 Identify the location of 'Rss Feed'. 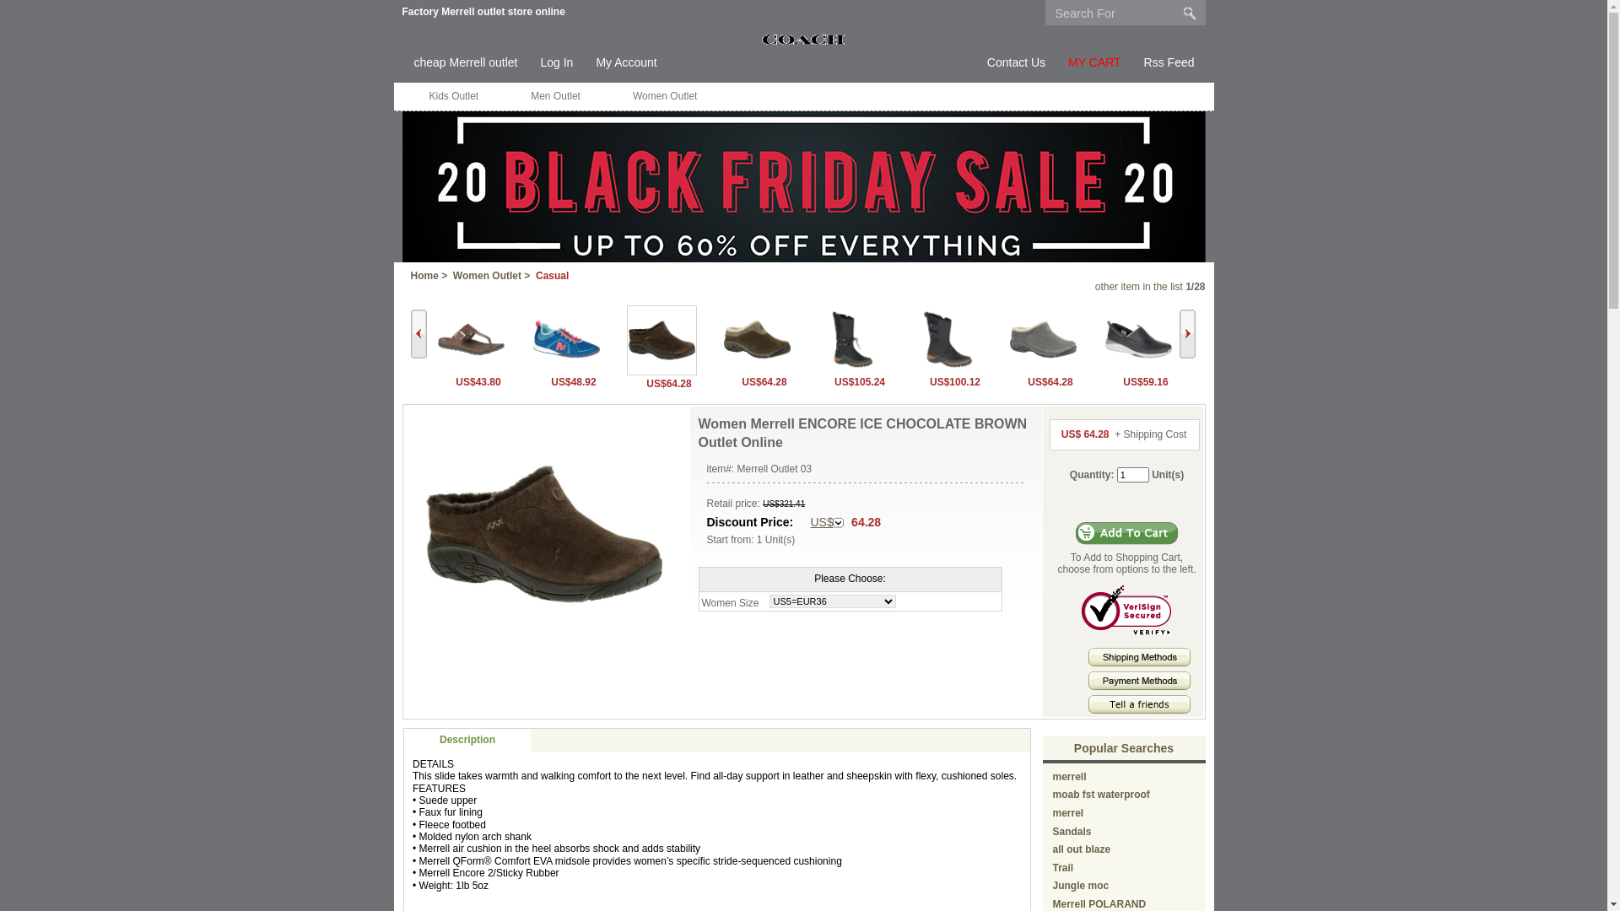
(1169, 62).